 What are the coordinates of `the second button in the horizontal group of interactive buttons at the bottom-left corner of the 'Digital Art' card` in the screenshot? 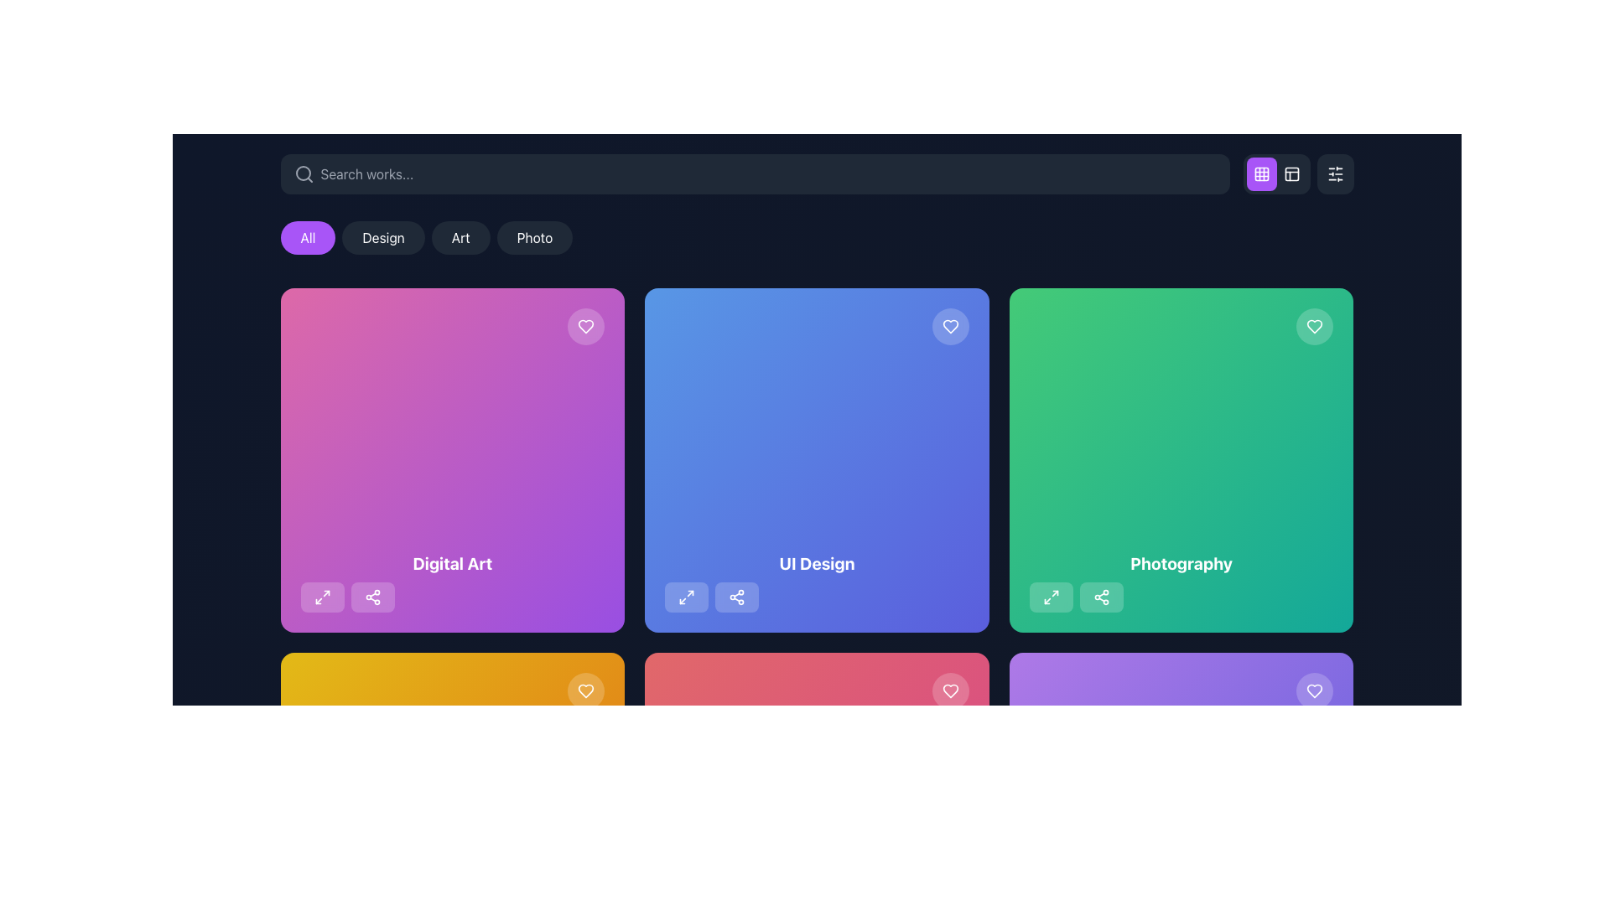 It's located at (371, 596).